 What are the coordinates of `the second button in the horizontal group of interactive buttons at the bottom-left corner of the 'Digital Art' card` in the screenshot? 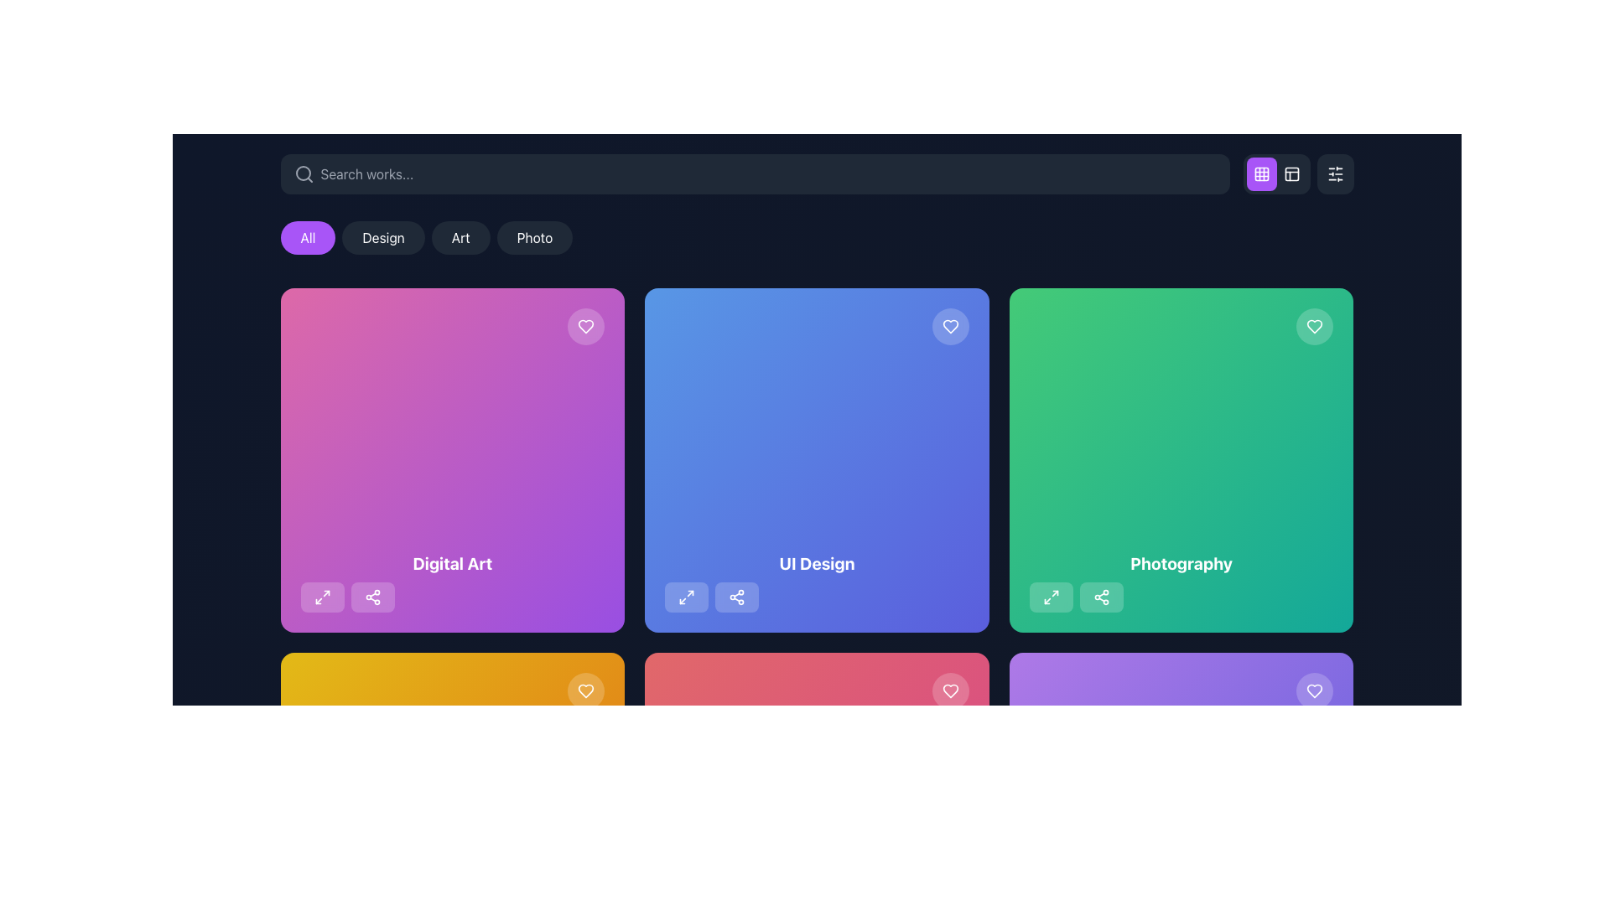 It's located at (371, 596).